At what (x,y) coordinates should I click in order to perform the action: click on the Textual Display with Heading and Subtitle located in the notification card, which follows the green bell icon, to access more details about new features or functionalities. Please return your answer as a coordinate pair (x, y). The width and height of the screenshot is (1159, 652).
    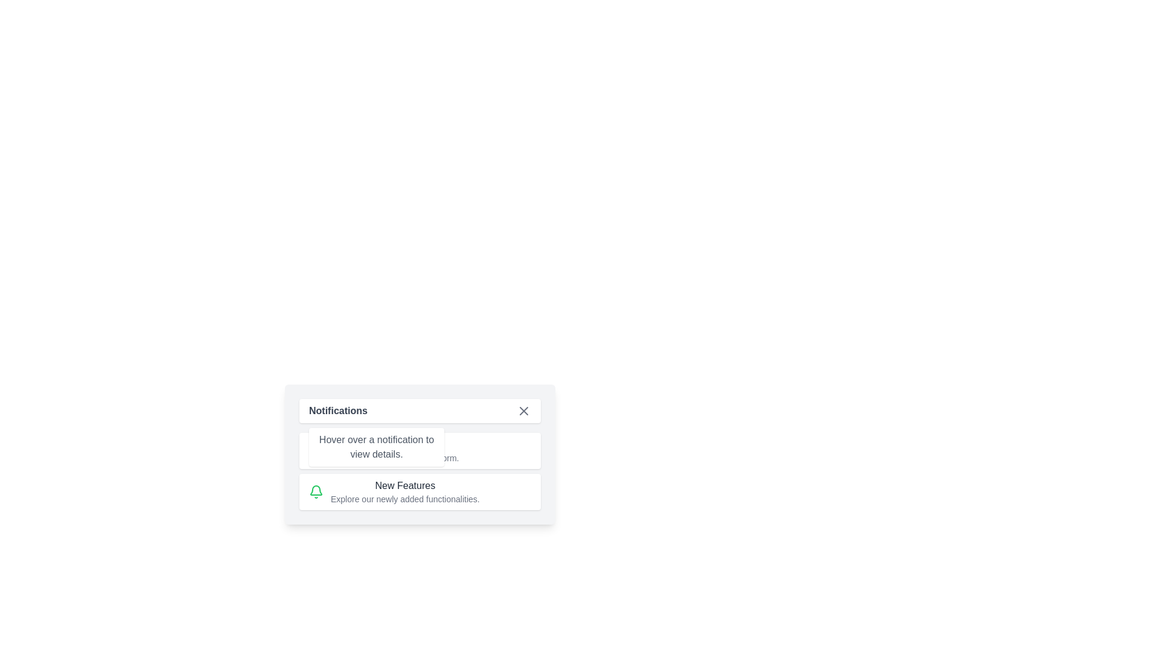
    Looking at the image, I should click on (405, 491).